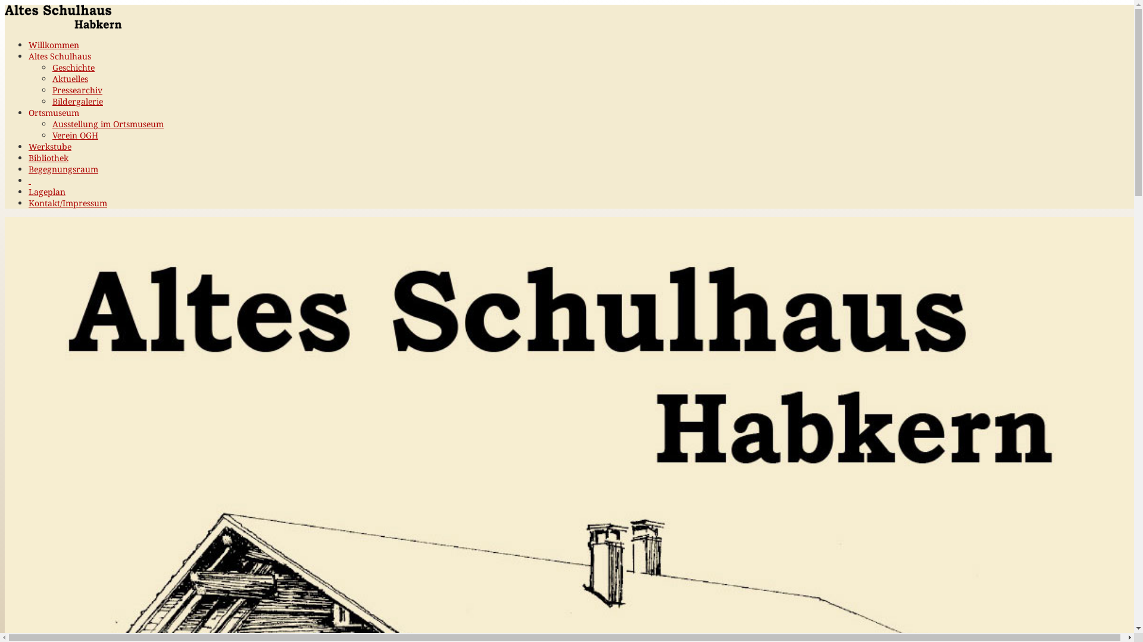 The height and width of the screenshot is (642, 1143). What do you see at coordinates (29, 169) in the screenshot?
I see `'Begegnungsraum'` at bounding box center [29, 169].